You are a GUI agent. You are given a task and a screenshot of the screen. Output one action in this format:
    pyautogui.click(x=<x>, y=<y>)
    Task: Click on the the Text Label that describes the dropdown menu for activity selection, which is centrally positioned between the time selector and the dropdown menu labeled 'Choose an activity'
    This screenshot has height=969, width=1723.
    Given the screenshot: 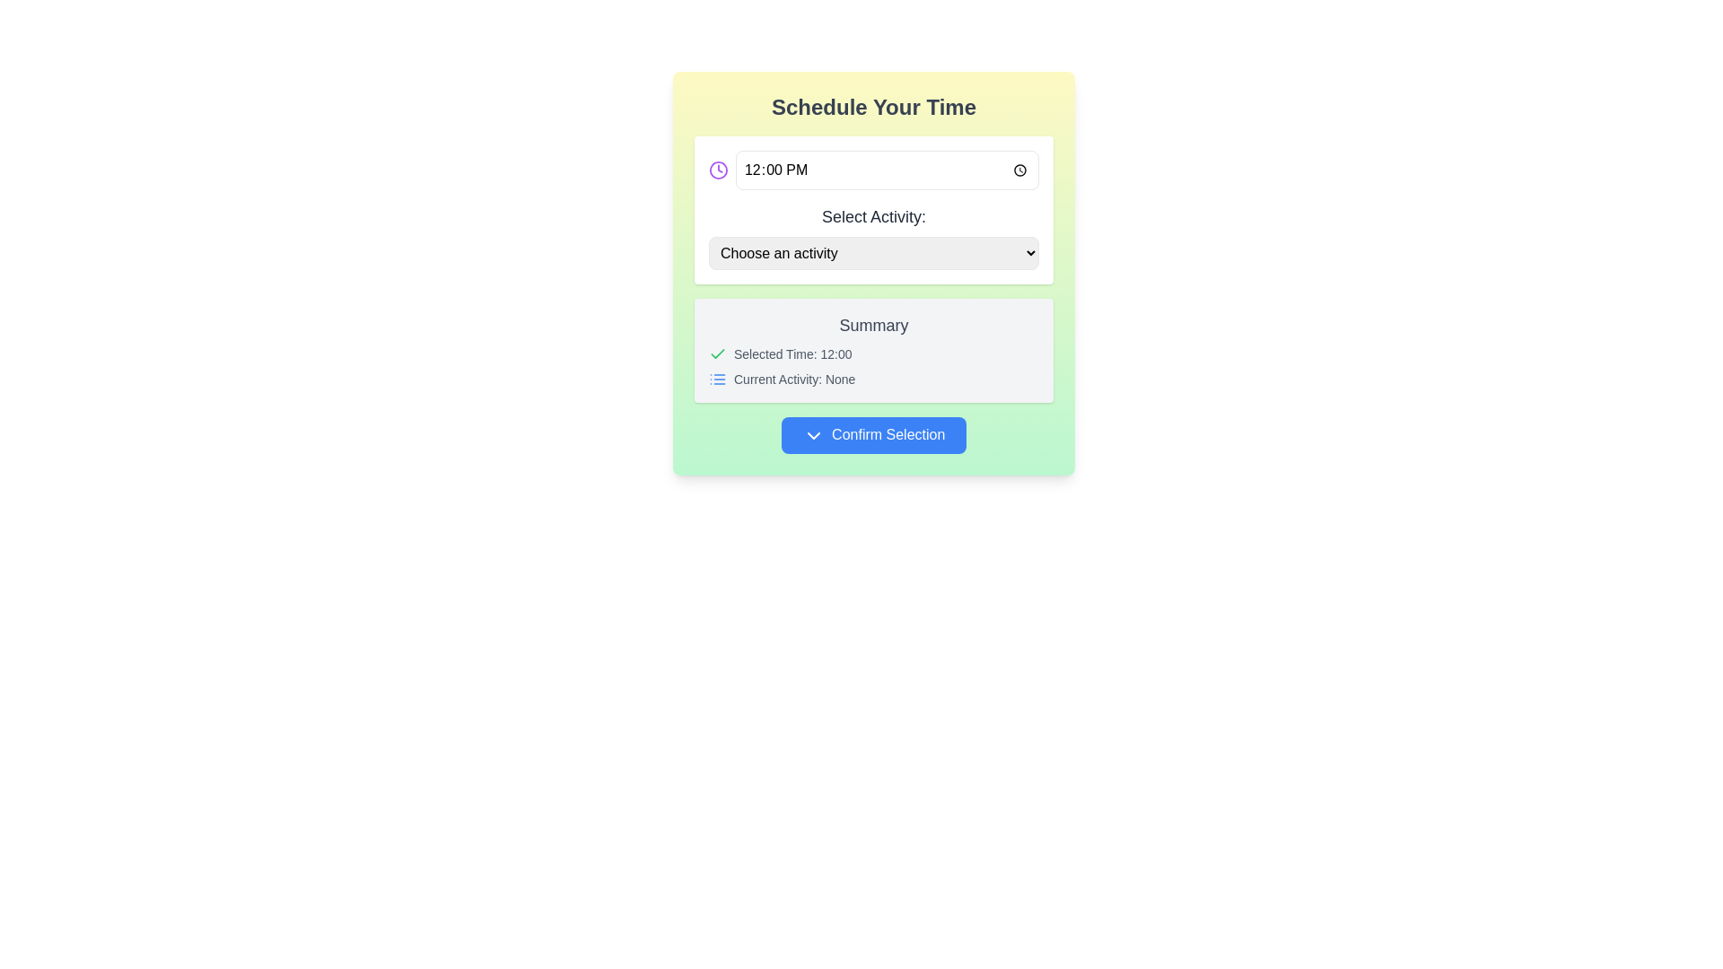 What is the action you would take?
    pyautogui.click(x=874, y=216)
    